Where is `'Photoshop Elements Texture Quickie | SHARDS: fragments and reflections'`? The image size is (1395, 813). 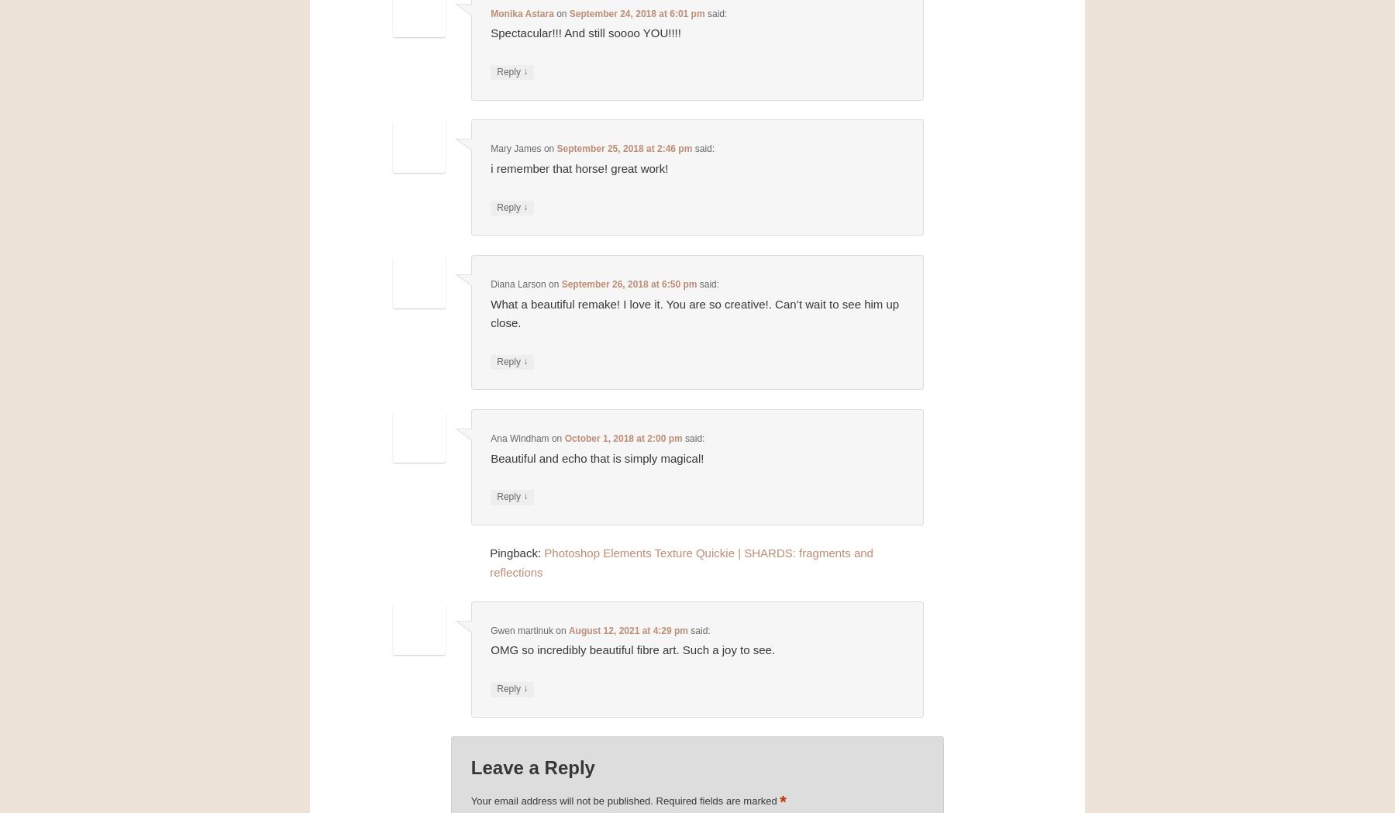
'Photoshop Elements Texture Quickie | SHARDS: fragments and reflections' is located at coordinates (680, 562).